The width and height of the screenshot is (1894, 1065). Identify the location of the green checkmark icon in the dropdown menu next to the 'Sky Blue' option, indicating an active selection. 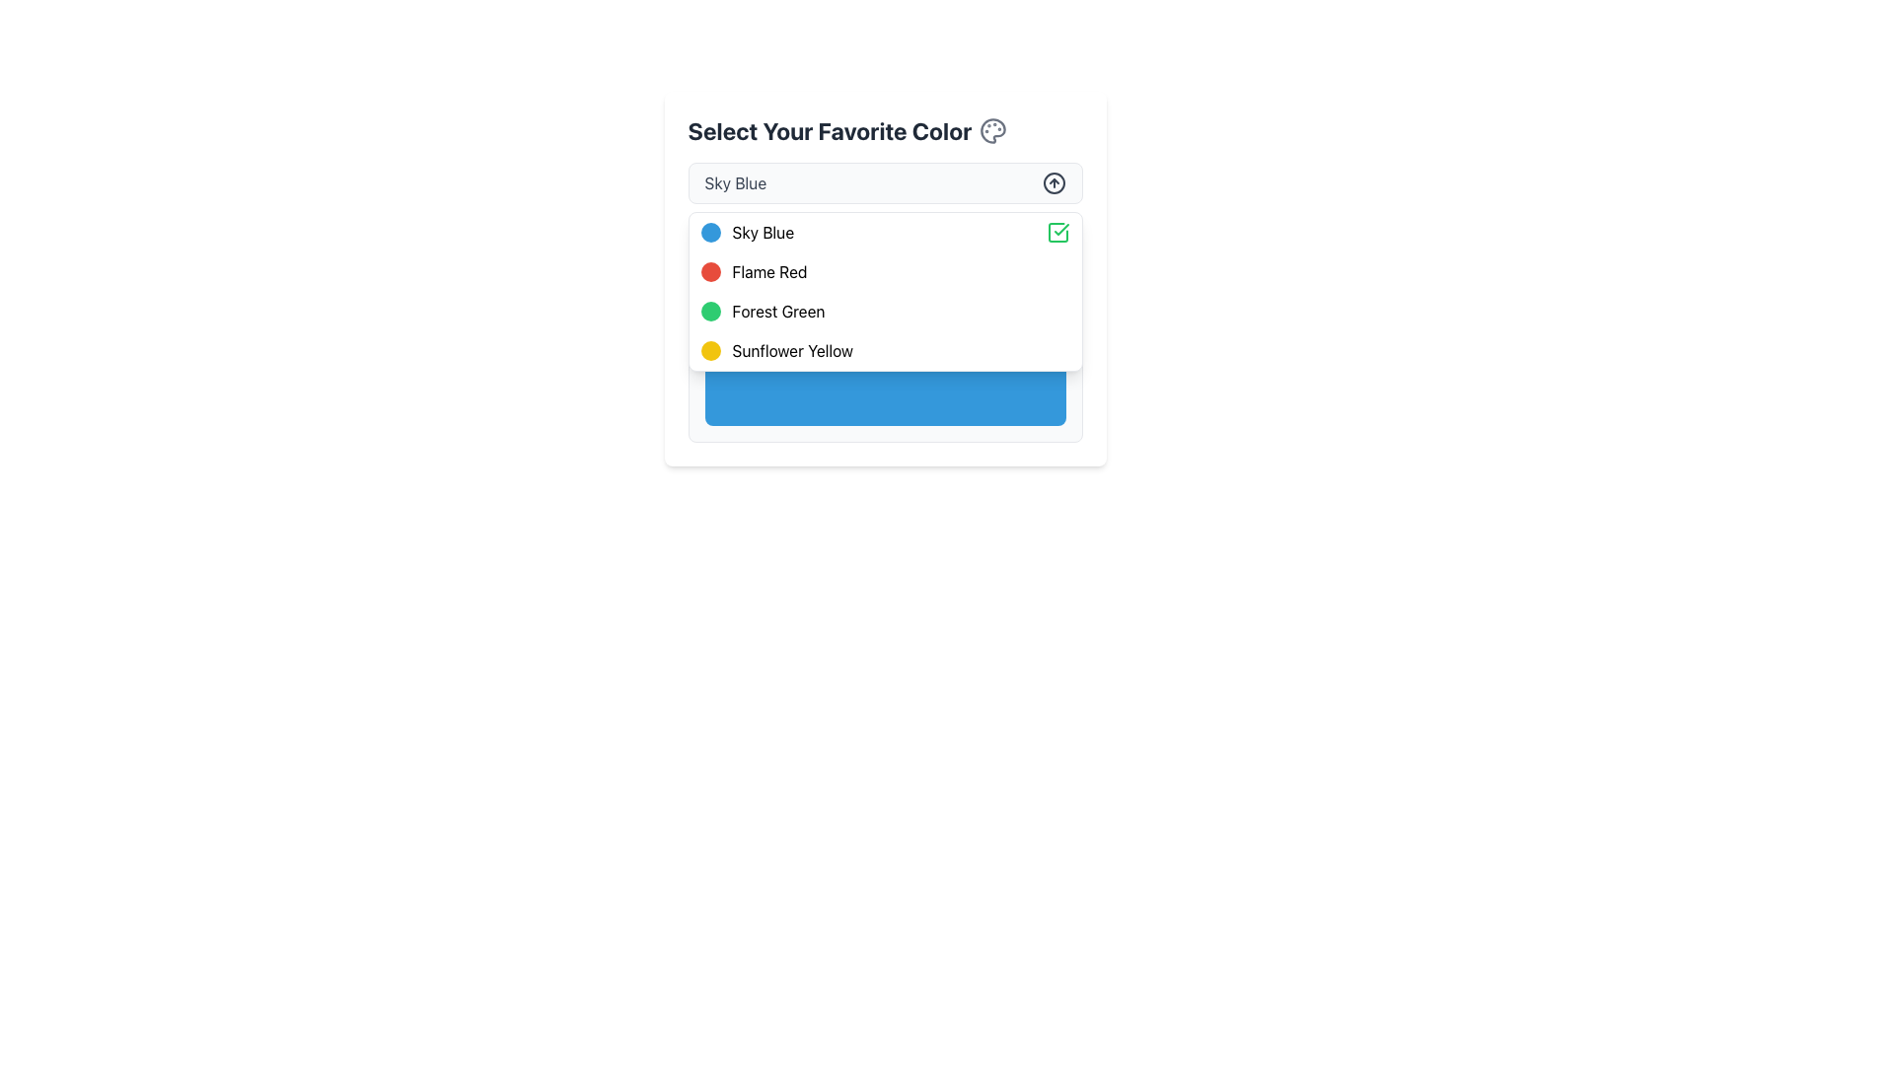
(1056, 231).